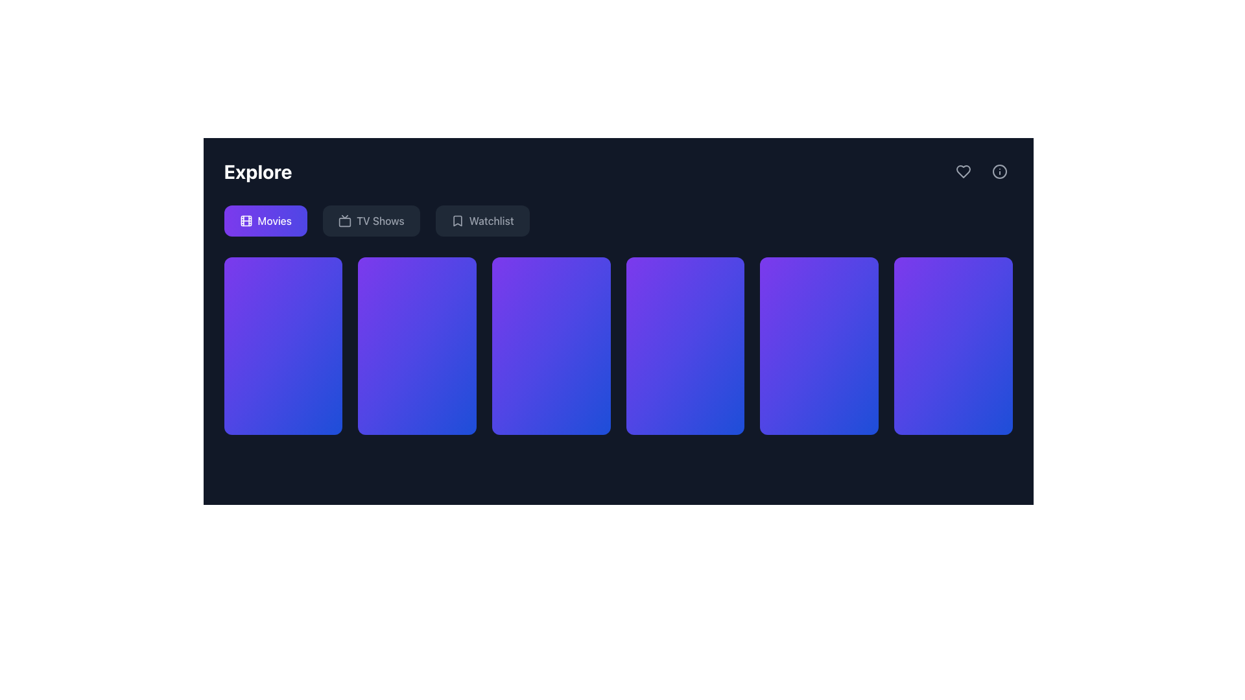 Image resolution: width=1245 pixels, height=700 pixels. Describe the element at coordinates (370, 220) in the screenshot. I see `the navigation button for TV shows, which is the second option in the horizontal navigation bar below the 'Explore' header, positioned between 'Movies' and 'Watchlist', to activate its hover state` at that location.